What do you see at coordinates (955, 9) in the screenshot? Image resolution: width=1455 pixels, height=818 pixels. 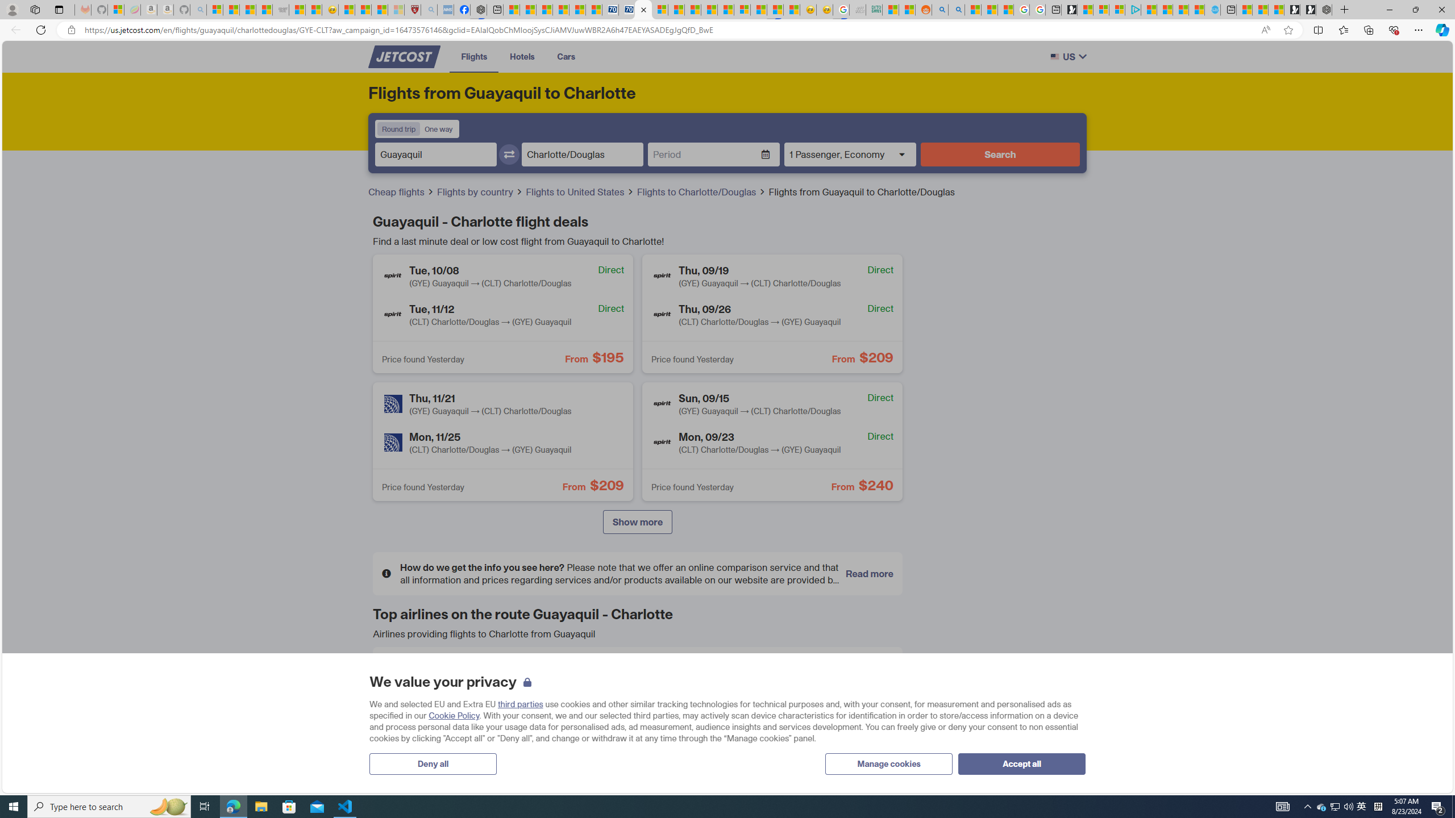 I see `'Utah sues federal government - Search'` at bounding box center [955, 9].